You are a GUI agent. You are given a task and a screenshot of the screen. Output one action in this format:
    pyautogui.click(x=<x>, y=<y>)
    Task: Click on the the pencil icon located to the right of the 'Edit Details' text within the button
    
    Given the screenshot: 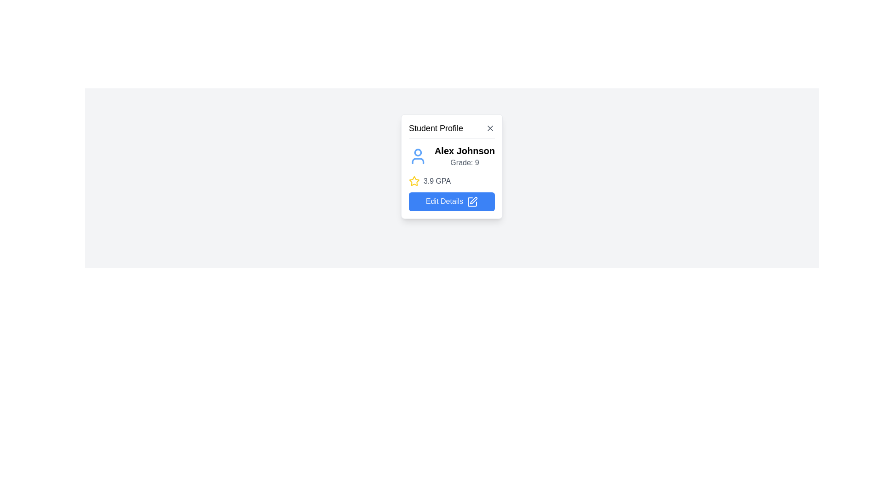 What is the action you would take?
    pyautogui.click(x=472, y=201)
    